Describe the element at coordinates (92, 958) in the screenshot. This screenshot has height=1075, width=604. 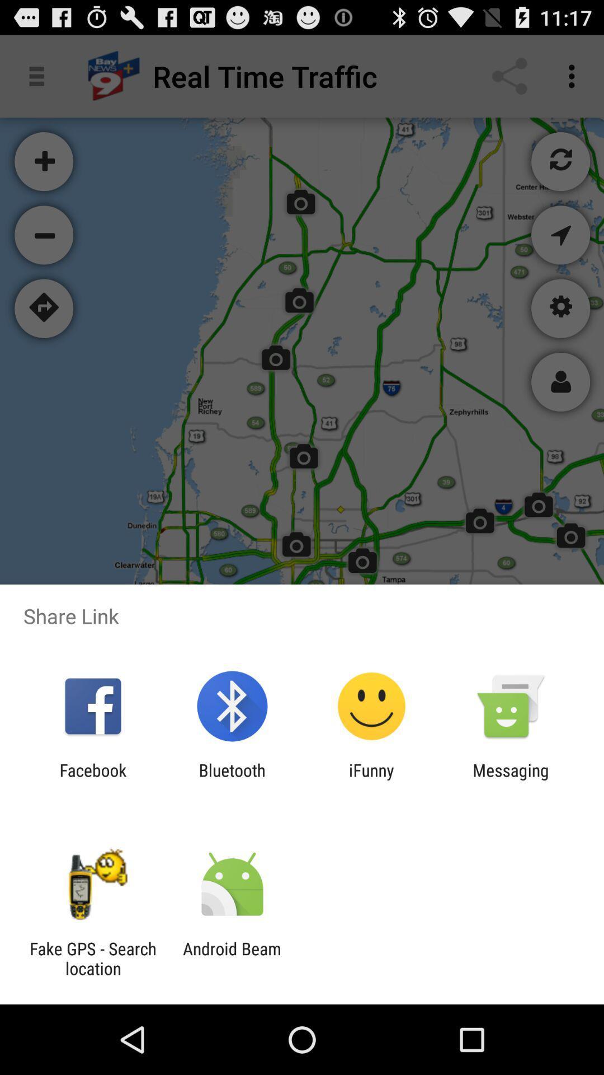
I see `the fake gps search app` at that location.